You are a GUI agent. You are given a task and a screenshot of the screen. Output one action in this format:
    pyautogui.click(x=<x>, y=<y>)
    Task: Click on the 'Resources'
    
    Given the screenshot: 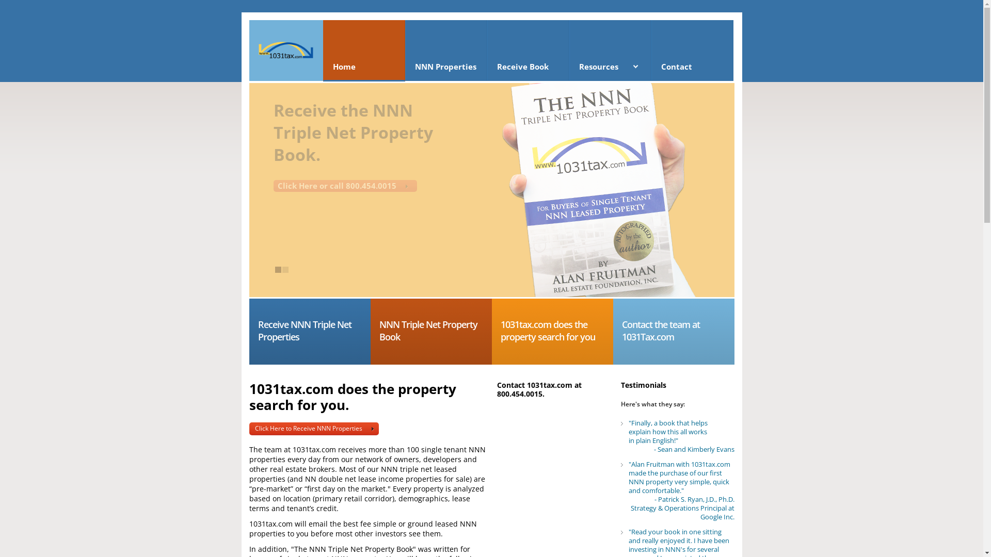 What is the action you would take?
    pyautogui.click(x=610, y=50)
    